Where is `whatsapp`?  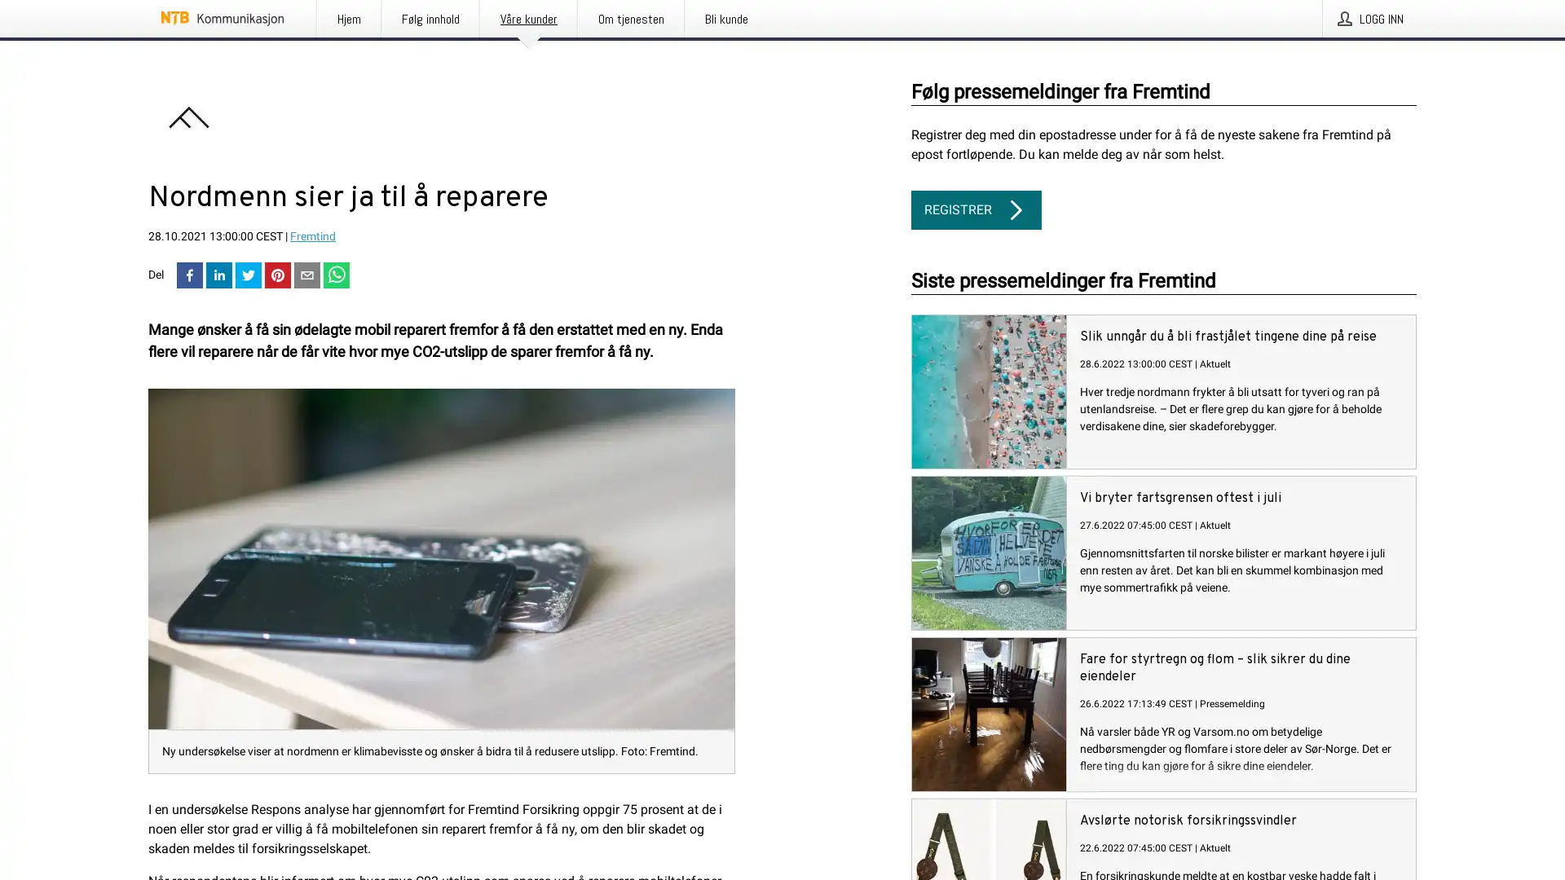 whatsapp is located at coordinates (335, 275).